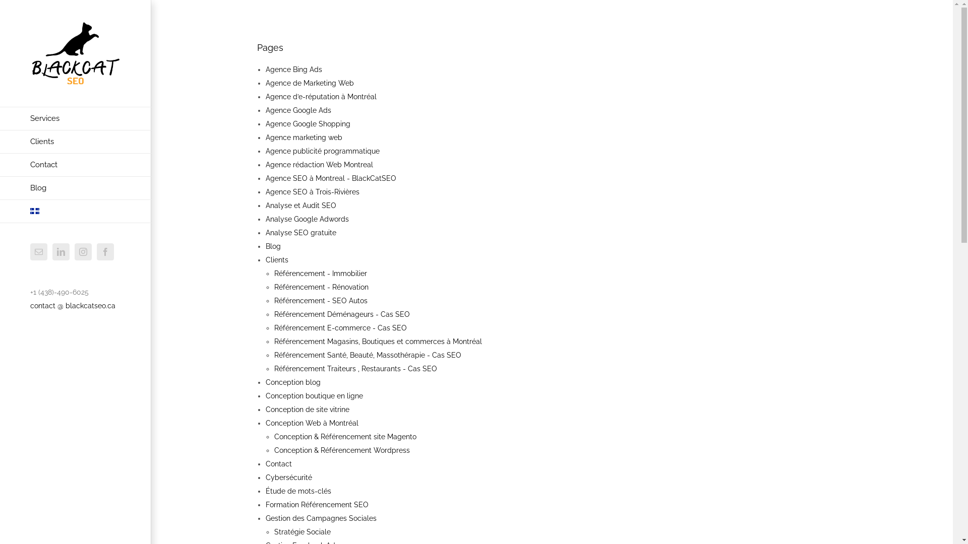  What do you see at coordinates (297, 110) in the screenshot?
I see `'Agence Google Ads'` at bounding box center [297, 110].